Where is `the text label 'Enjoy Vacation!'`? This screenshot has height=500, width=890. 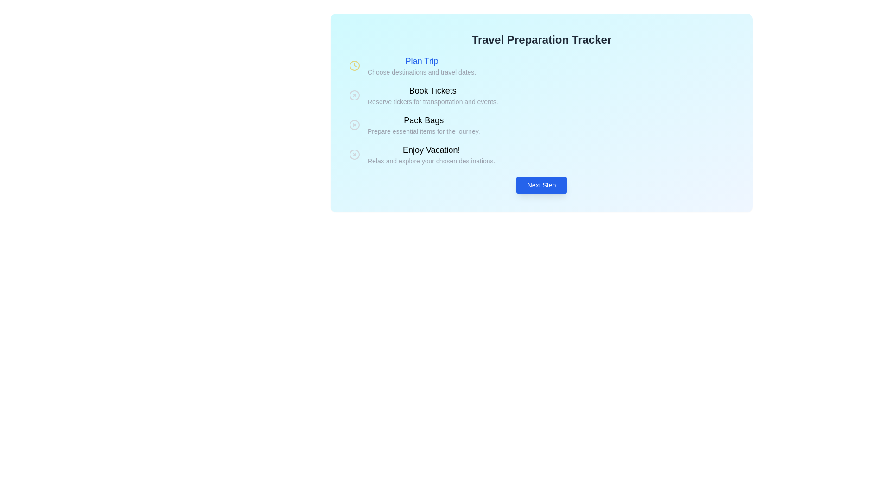 the text label 'Enjoy Vacation!' is located at coordinates (431, 150).